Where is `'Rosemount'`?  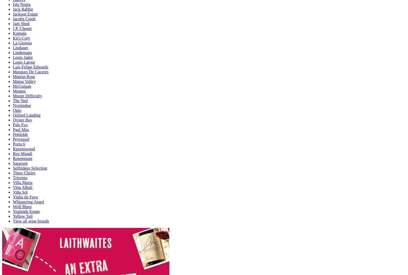
'Rosemount' is located at coordinates (13, 158).